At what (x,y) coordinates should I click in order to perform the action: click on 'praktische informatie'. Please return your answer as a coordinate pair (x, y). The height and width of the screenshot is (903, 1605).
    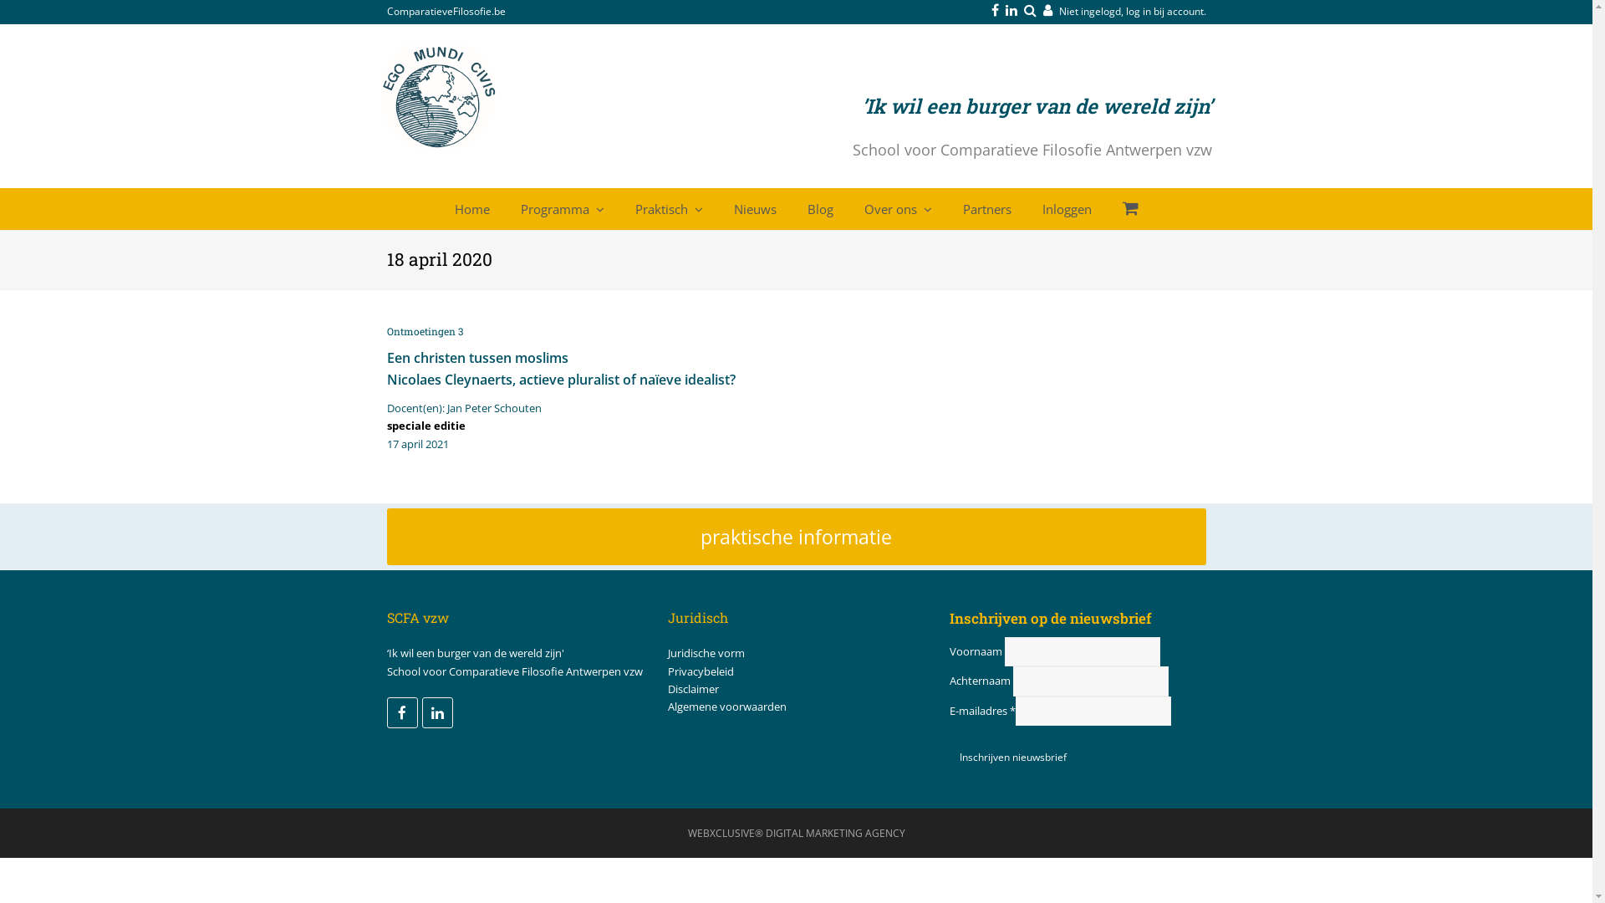
    Looking at the image, I should click on (794, 536).